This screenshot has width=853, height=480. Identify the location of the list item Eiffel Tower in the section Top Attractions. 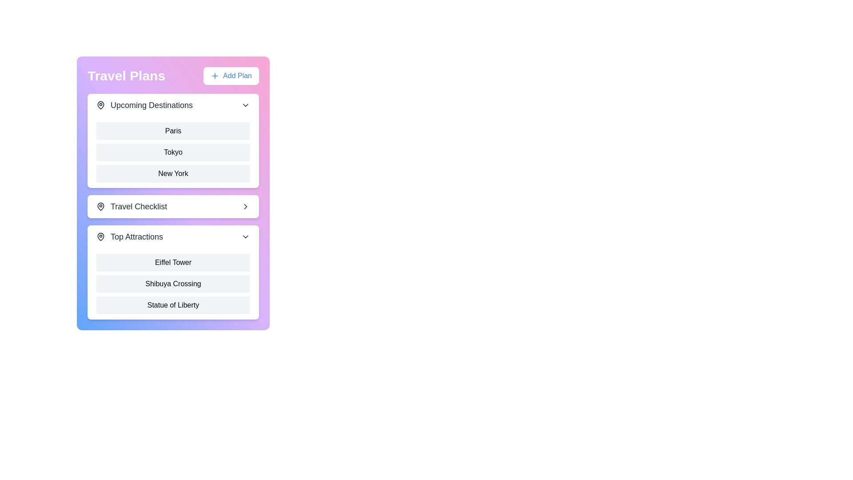
(173, 262).